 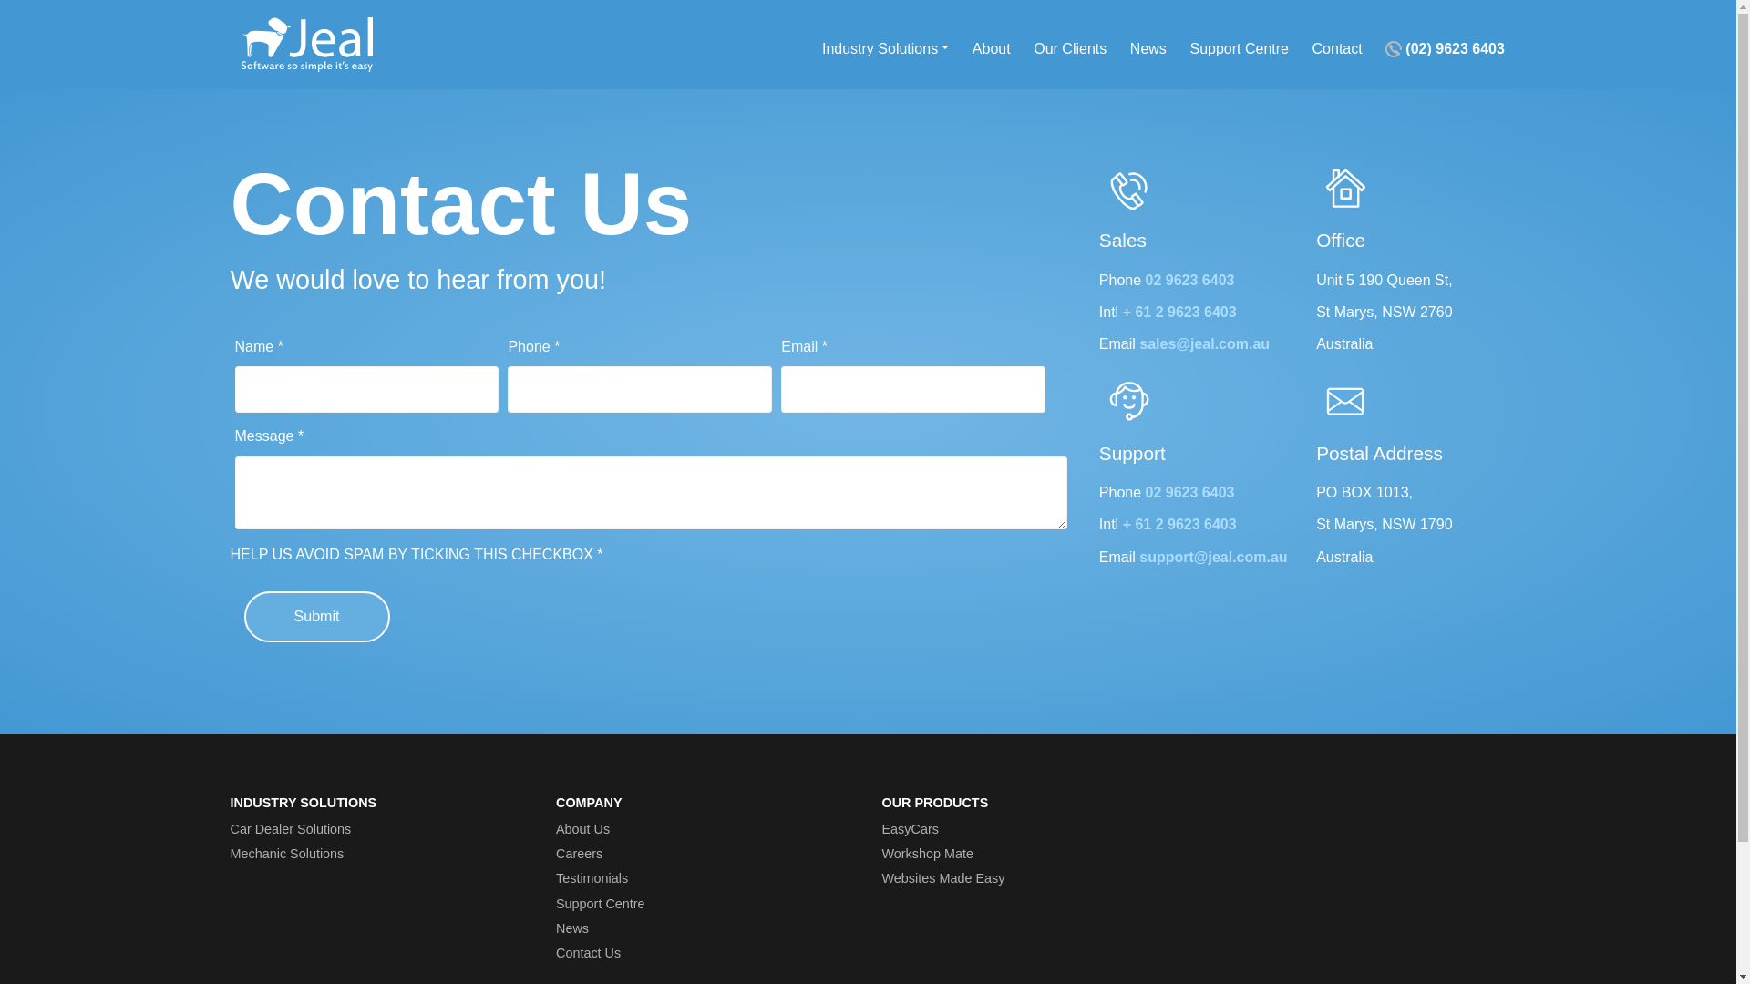 What do you see at coordinates (289, 829) in the screenshot?
I see `'Car Dealer Solutions'` at bounding box center [289, 829].